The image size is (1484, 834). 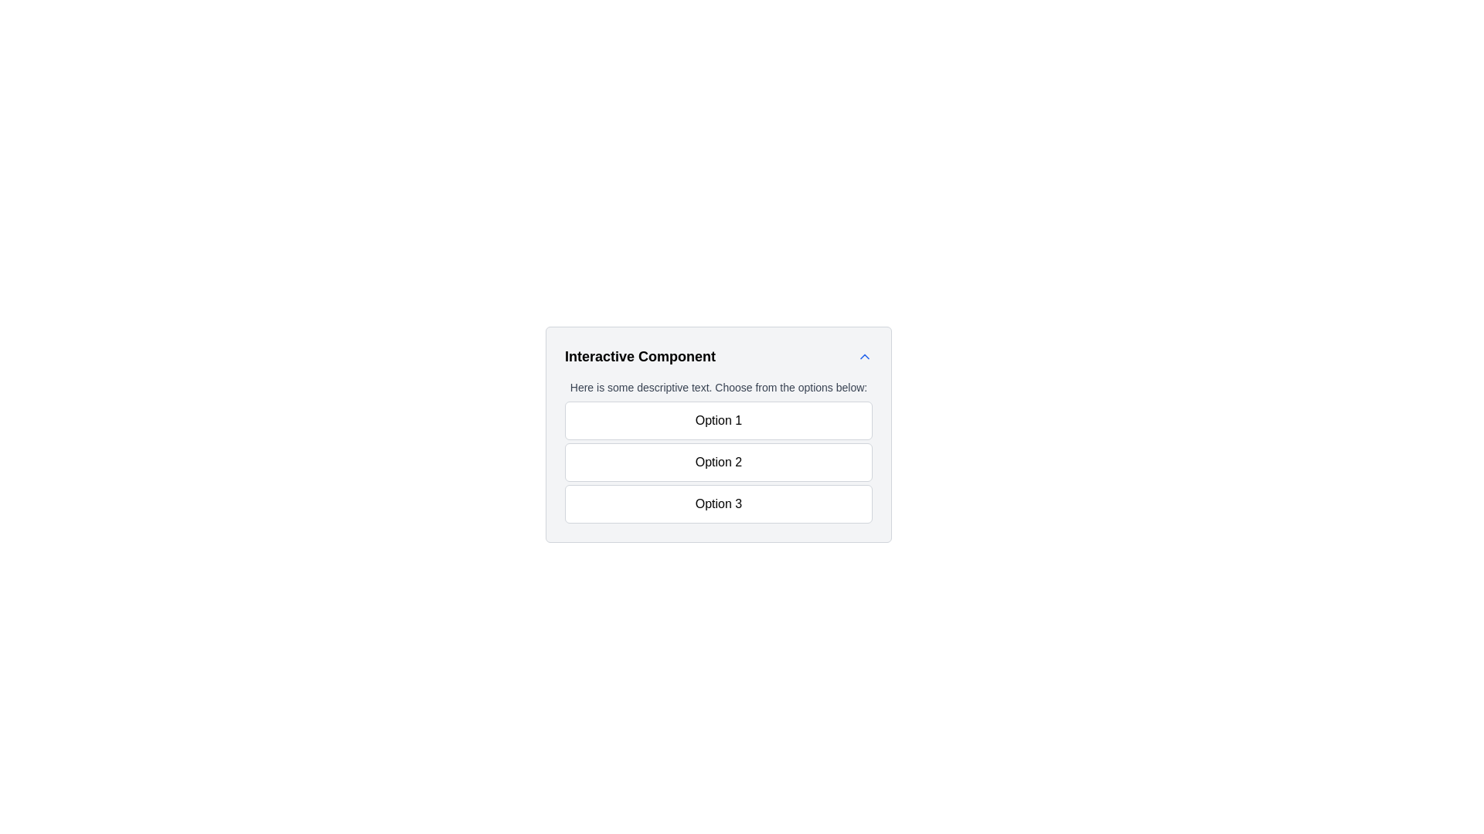 I want to click on the button labeled 'Option 1', which is a rectangular button with rounded corners and a light background color, to trigger its hover state, so click(x=718, y=420).